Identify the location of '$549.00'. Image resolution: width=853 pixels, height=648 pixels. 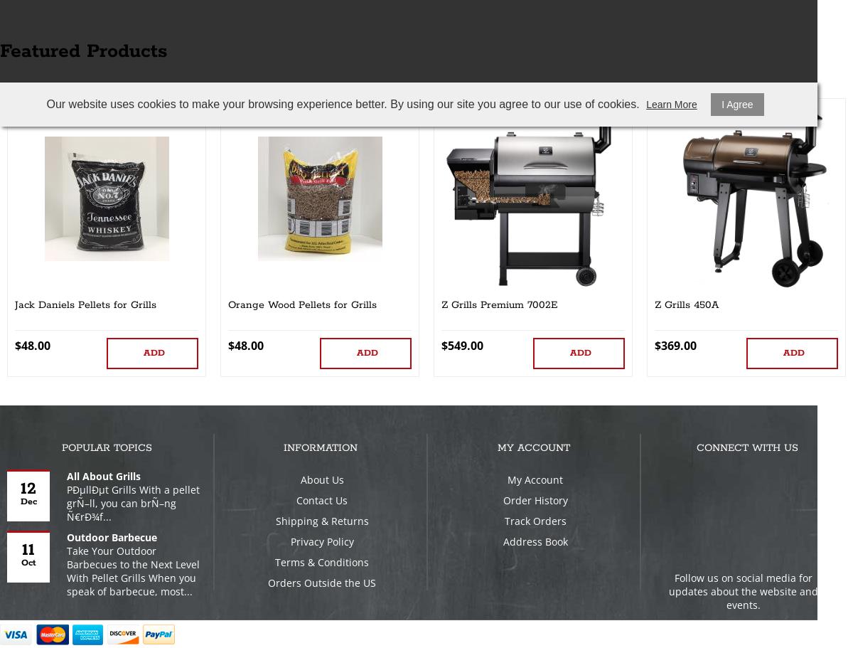
(462, 345).